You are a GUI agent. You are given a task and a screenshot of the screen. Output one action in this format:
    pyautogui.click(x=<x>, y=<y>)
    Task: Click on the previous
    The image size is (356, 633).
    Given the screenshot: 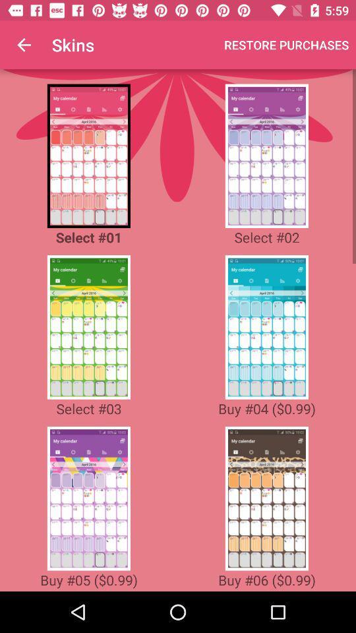 What is the action you would take?
    pyautogui.click(x=88, y=498)
    